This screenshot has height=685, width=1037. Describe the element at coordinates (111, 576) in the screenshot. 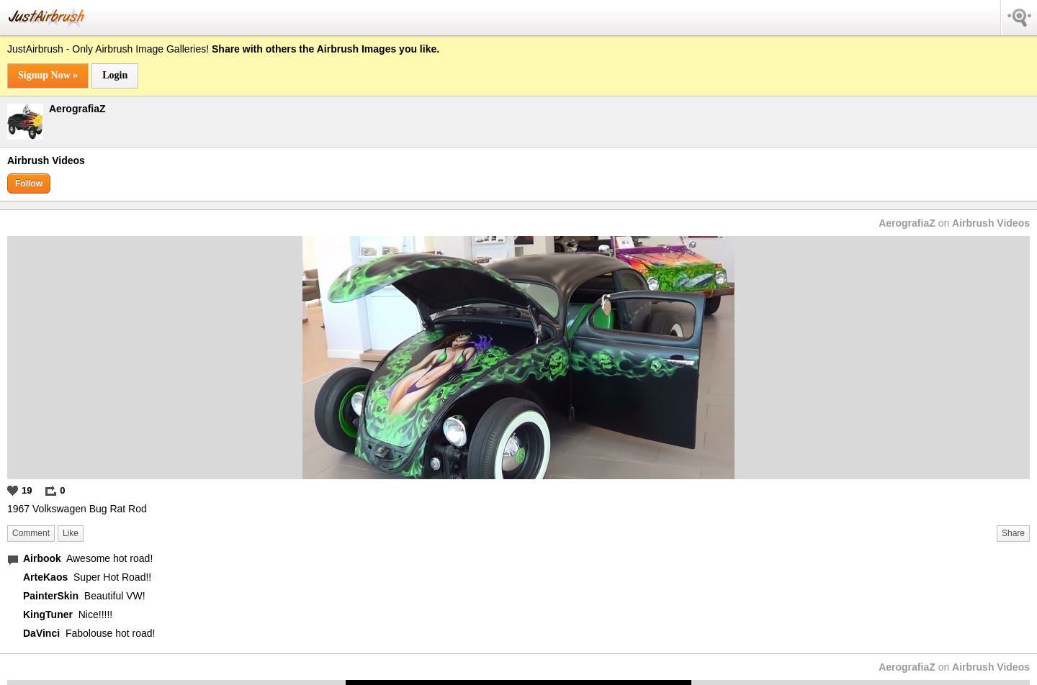

I see `'Super Hot Road!!'` at that location.